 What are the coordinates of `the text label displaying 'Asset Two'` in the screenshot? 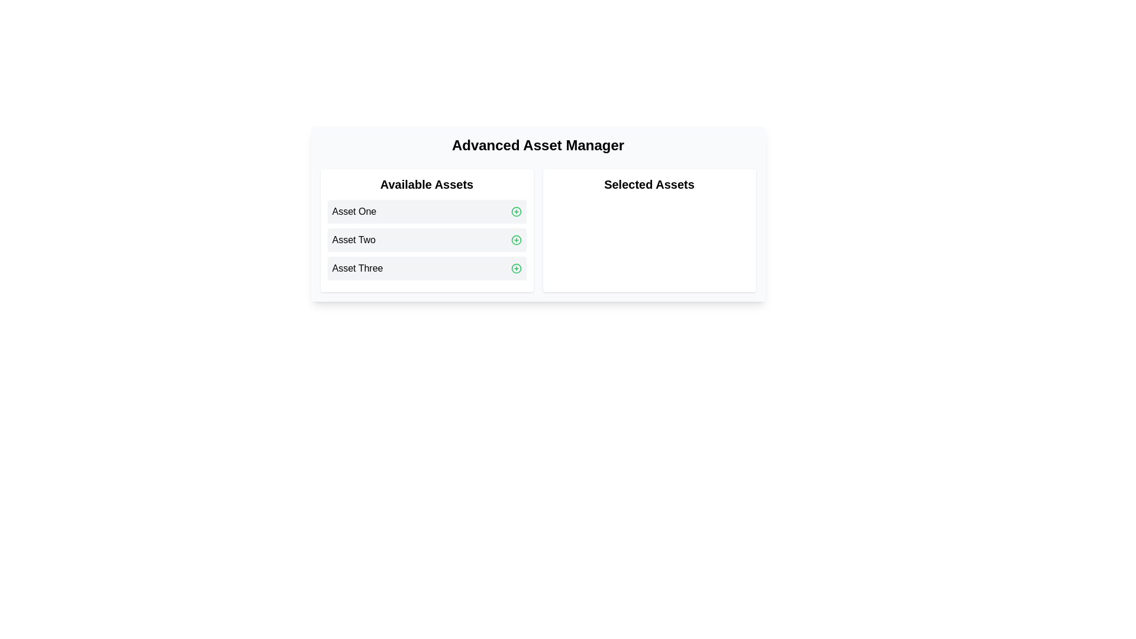 It's located at (353, 240).